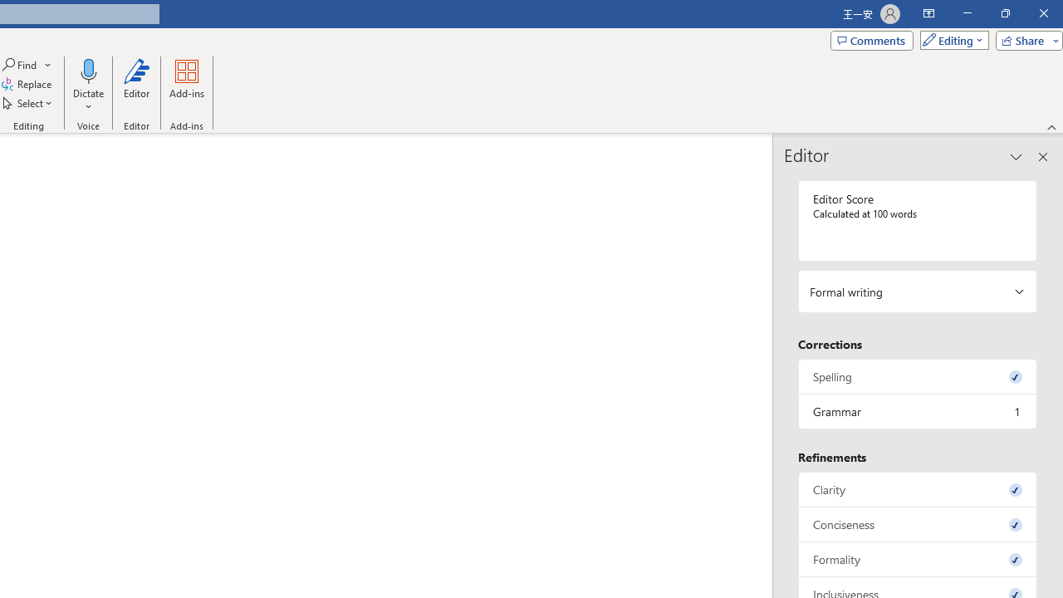  I want to click on 'Spelling, 0 issues. Press space or enter to review items.', so click(917, 376).